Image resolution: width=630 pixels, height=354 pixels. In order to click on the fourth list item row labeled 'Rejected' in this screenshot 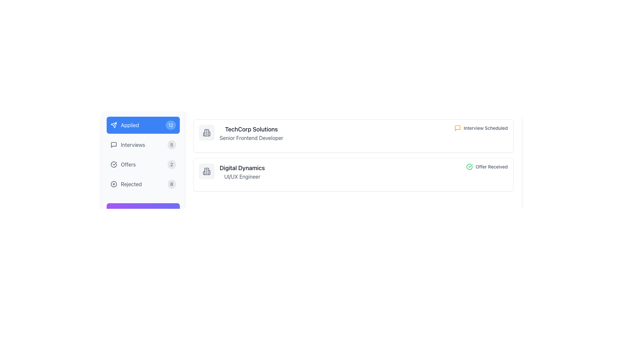, I will do `click(143, 184)`.